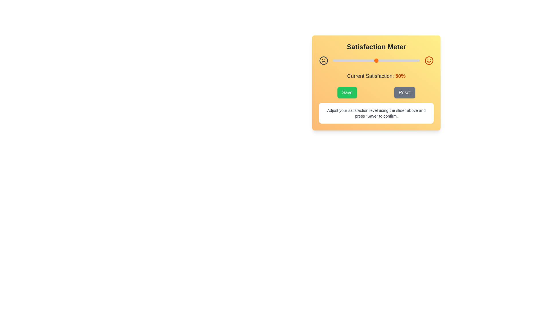  Describe the element at coordinates (347, 92) in the screenshot. I see `'Save' button to save the current satisfaction level` at that location.